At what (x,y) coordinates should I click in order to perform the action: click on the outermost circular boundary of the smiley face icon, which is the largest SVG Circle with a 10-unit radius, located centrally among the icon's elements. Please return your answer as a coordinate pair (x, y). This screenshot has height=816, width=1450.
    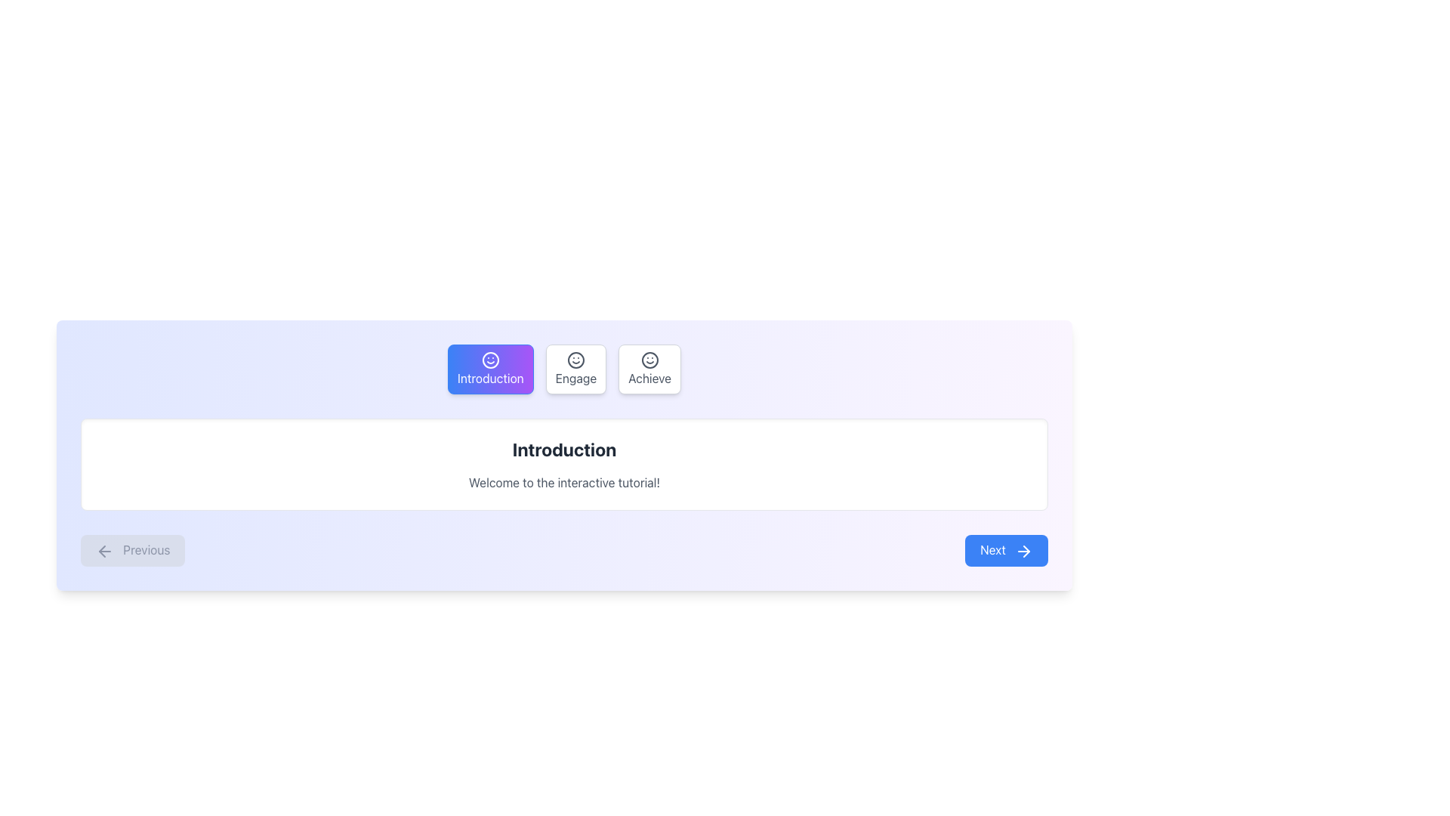
    Looking at the image, I should click on (490, 360).